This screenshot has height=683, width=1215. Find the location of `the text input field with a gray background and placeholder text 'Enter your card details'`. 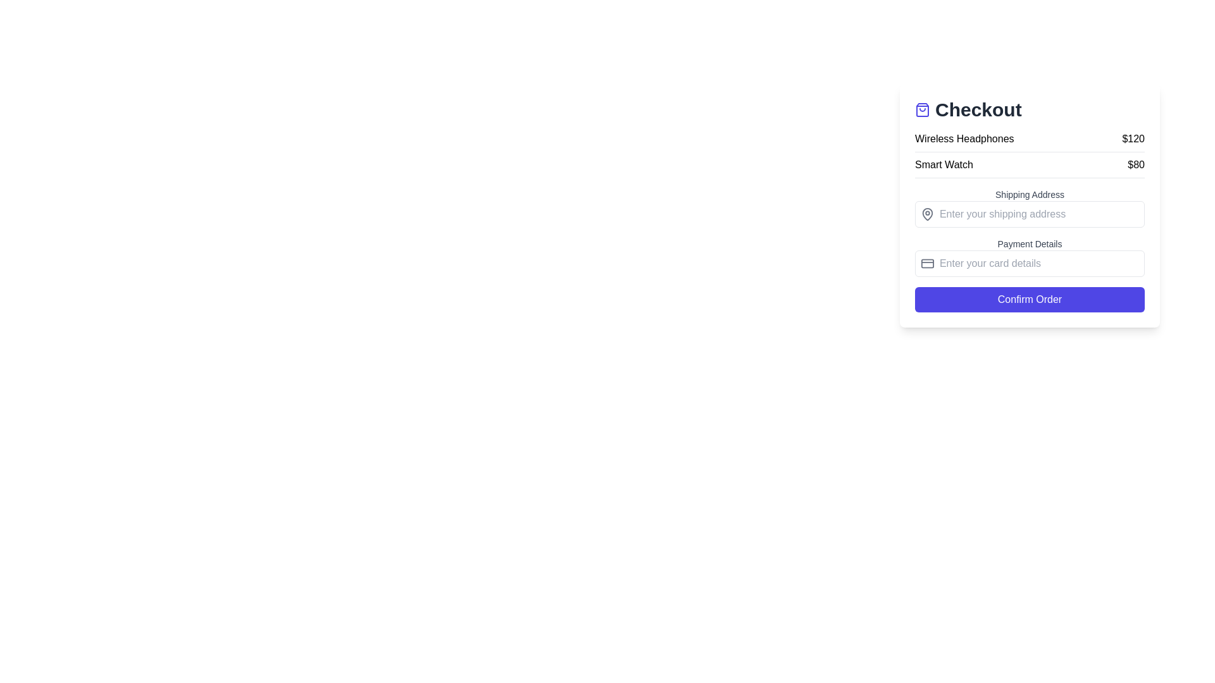

the text input field with a gray background and placeholder text 'Enter your card details' is located at coordinates (1039, 262).